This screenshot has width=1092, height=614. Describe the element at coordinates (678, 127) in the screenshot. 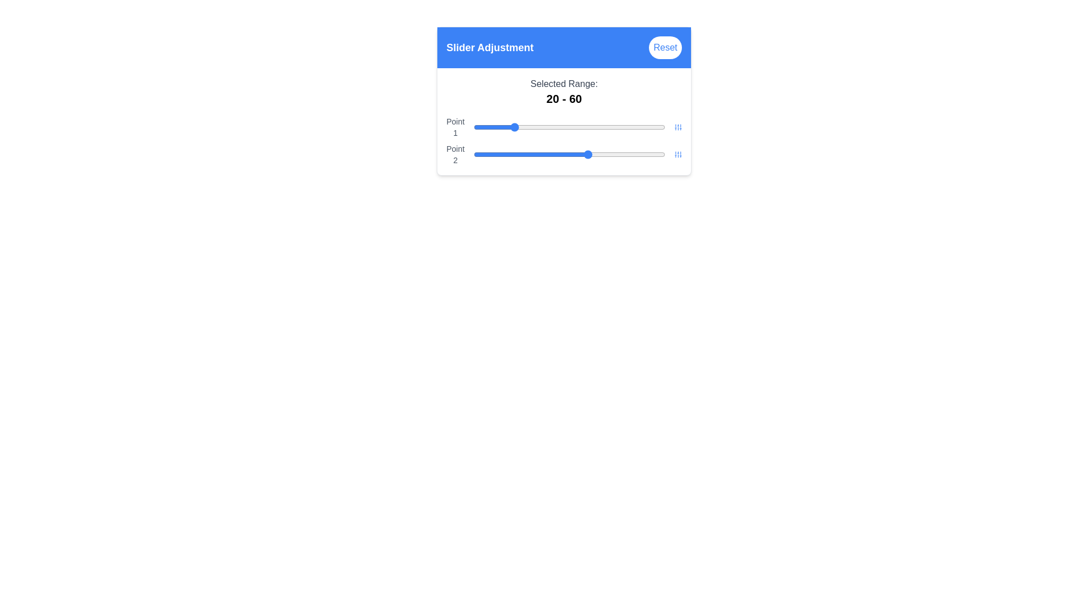

I see `the button` at that location.